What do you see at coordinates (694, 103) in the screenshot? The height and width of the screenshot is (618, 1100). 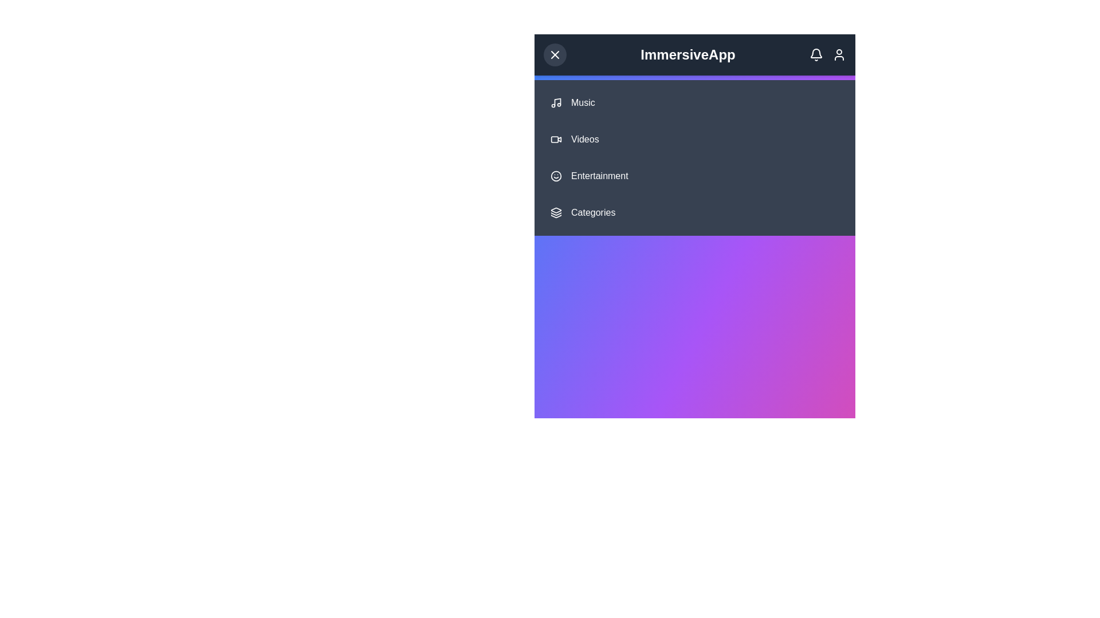 I see `the 'Music' menu item` at bounding box center [694, 103].